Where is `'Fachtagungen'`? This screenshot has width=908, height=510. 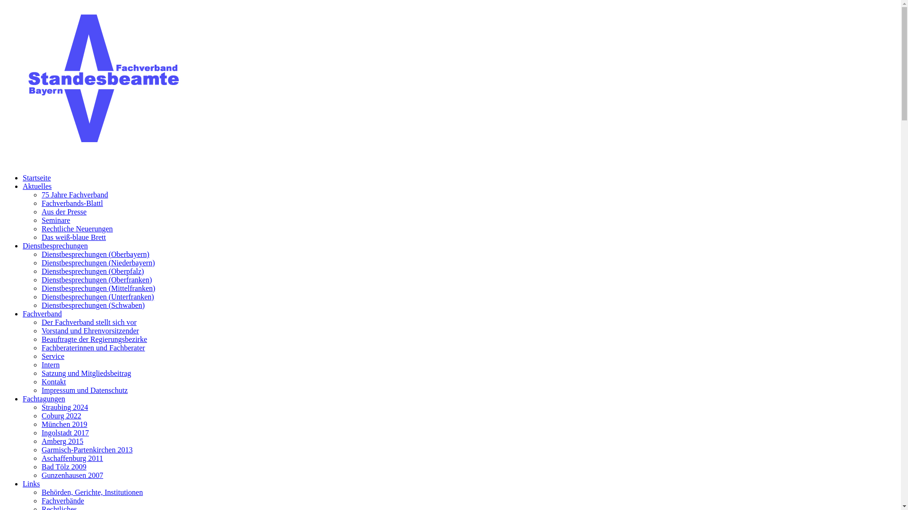 'Fachtagungen' is located at coordinates (43, 399).